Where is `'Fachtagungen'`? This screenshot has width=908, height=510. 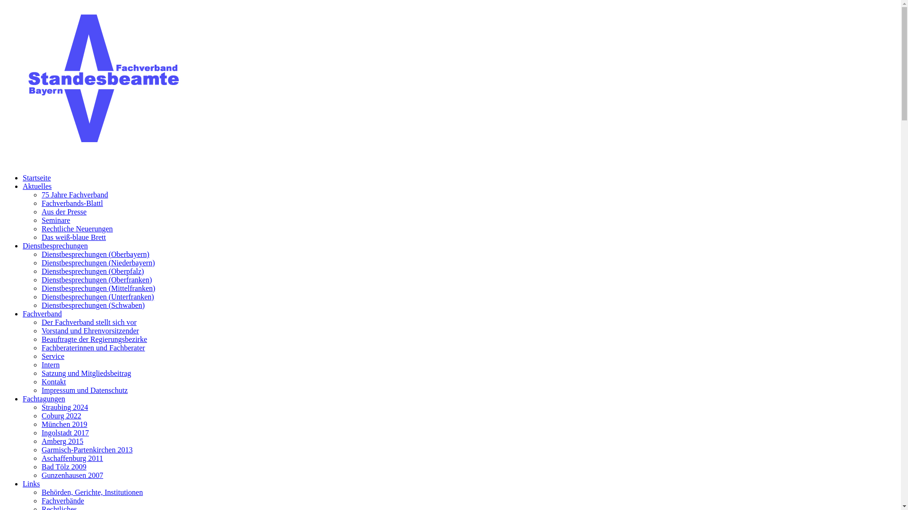 'Fachtagungen' is located at coordinates (43, 399).